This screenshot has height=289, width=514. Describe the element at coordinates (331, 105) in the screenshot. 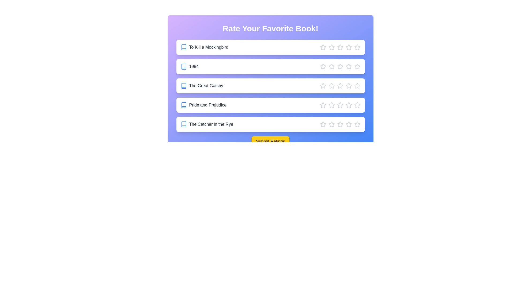

I see `the star corresponding to 2 stars for the book 'Pride and Prejudice'` at that location.